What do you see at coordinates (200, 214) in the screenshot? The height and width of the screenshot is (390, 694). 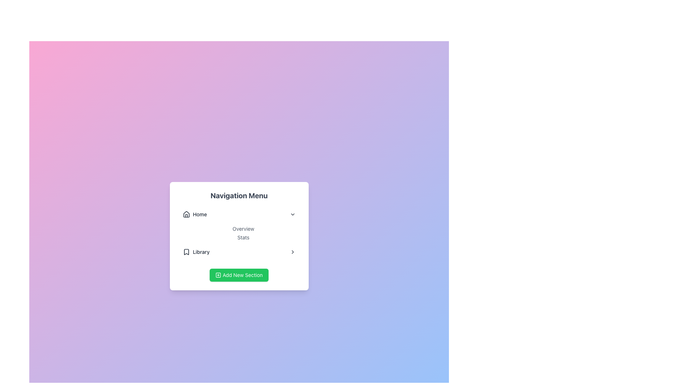 I see `the 'Home' text label, which is displayed in a medium-sized, sans-serif font and is part of the navigation menu in the upper-left section` at bounding box center [200, 214].